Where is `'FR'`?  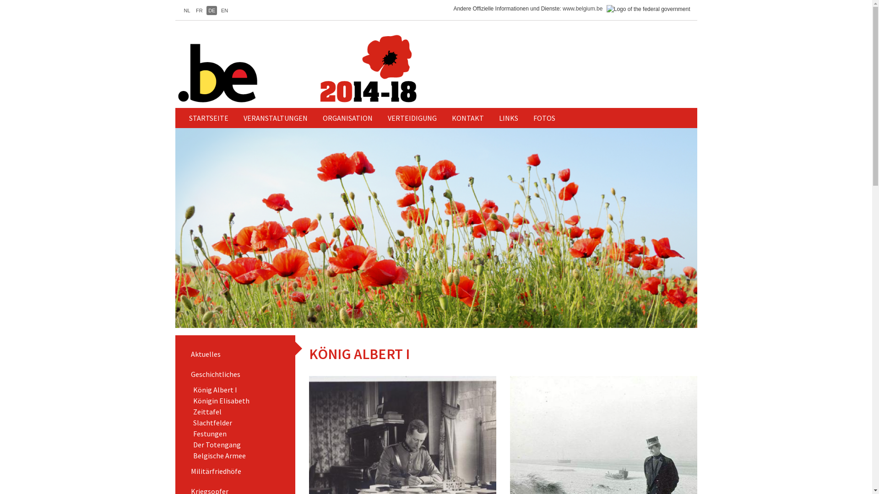
'FR' is located at coordinates (199, 11).